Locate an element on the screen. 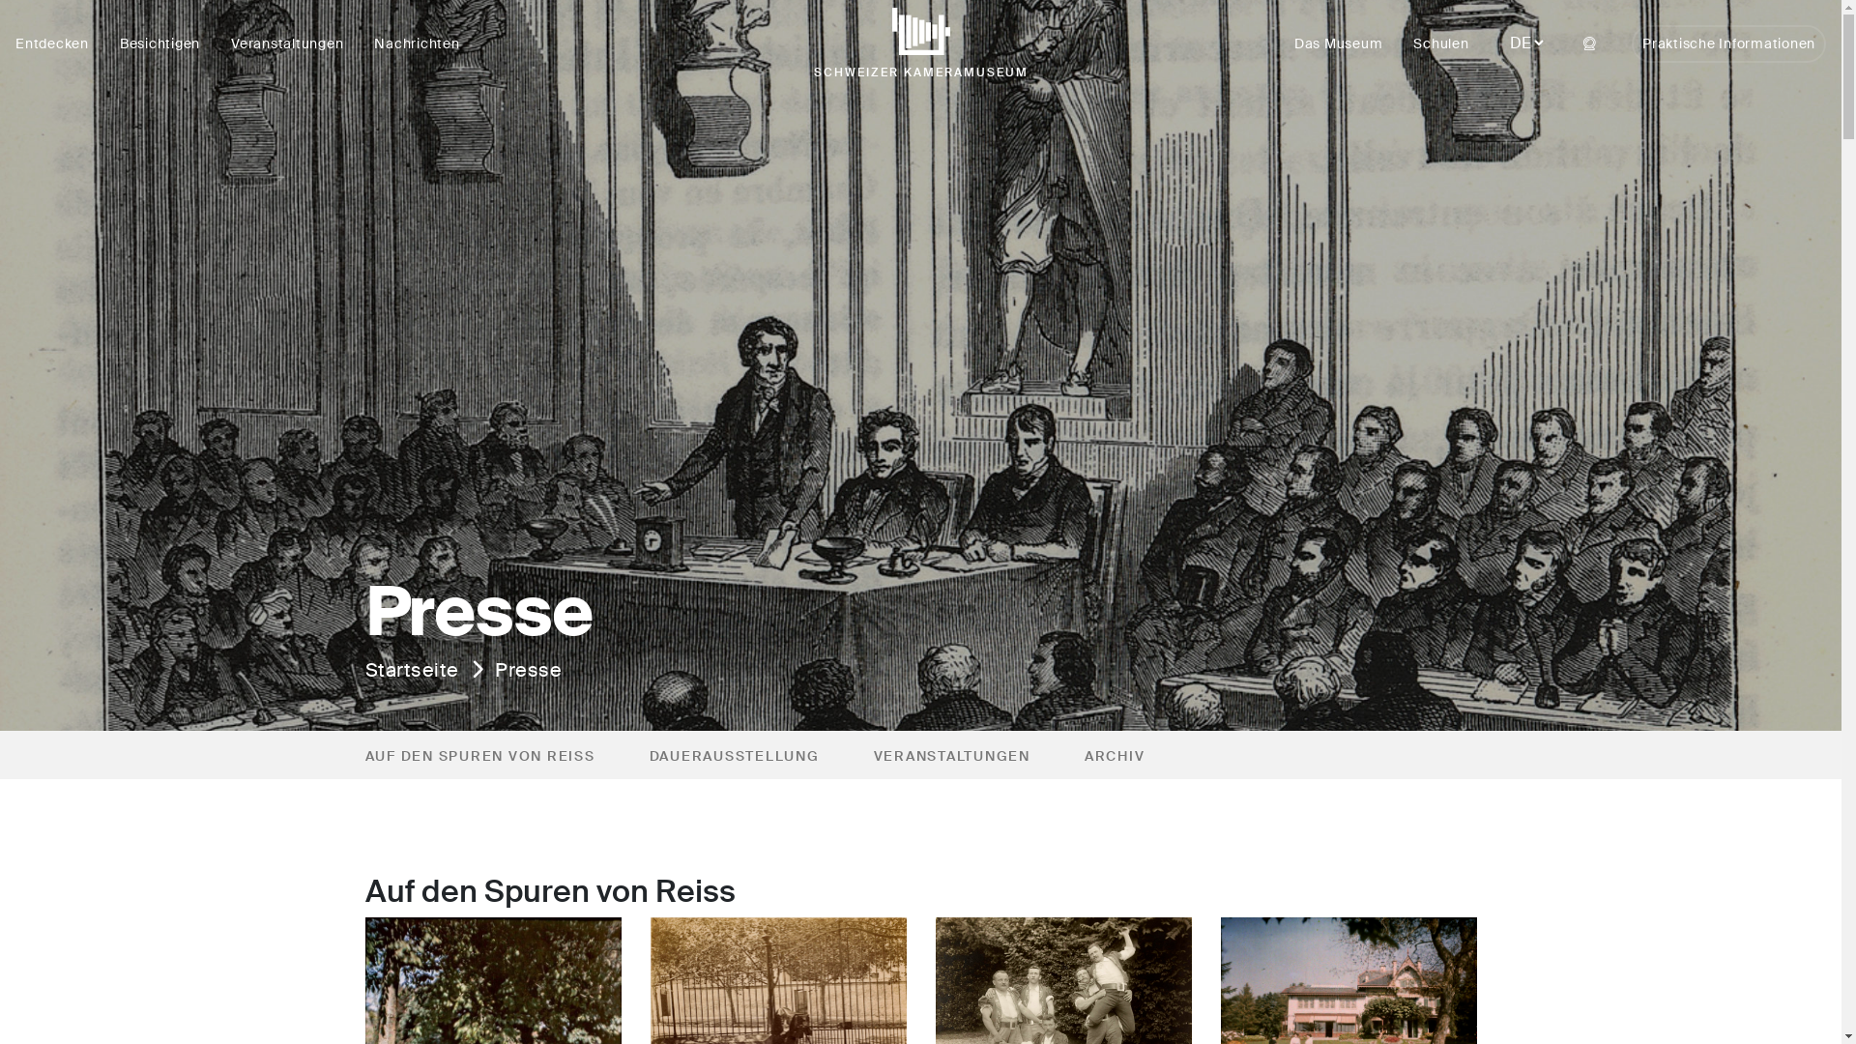 The height and width of the screenshot is (1044, 1856). 'VERANSTALTUNGEN' is located at coordinates (951, 755).